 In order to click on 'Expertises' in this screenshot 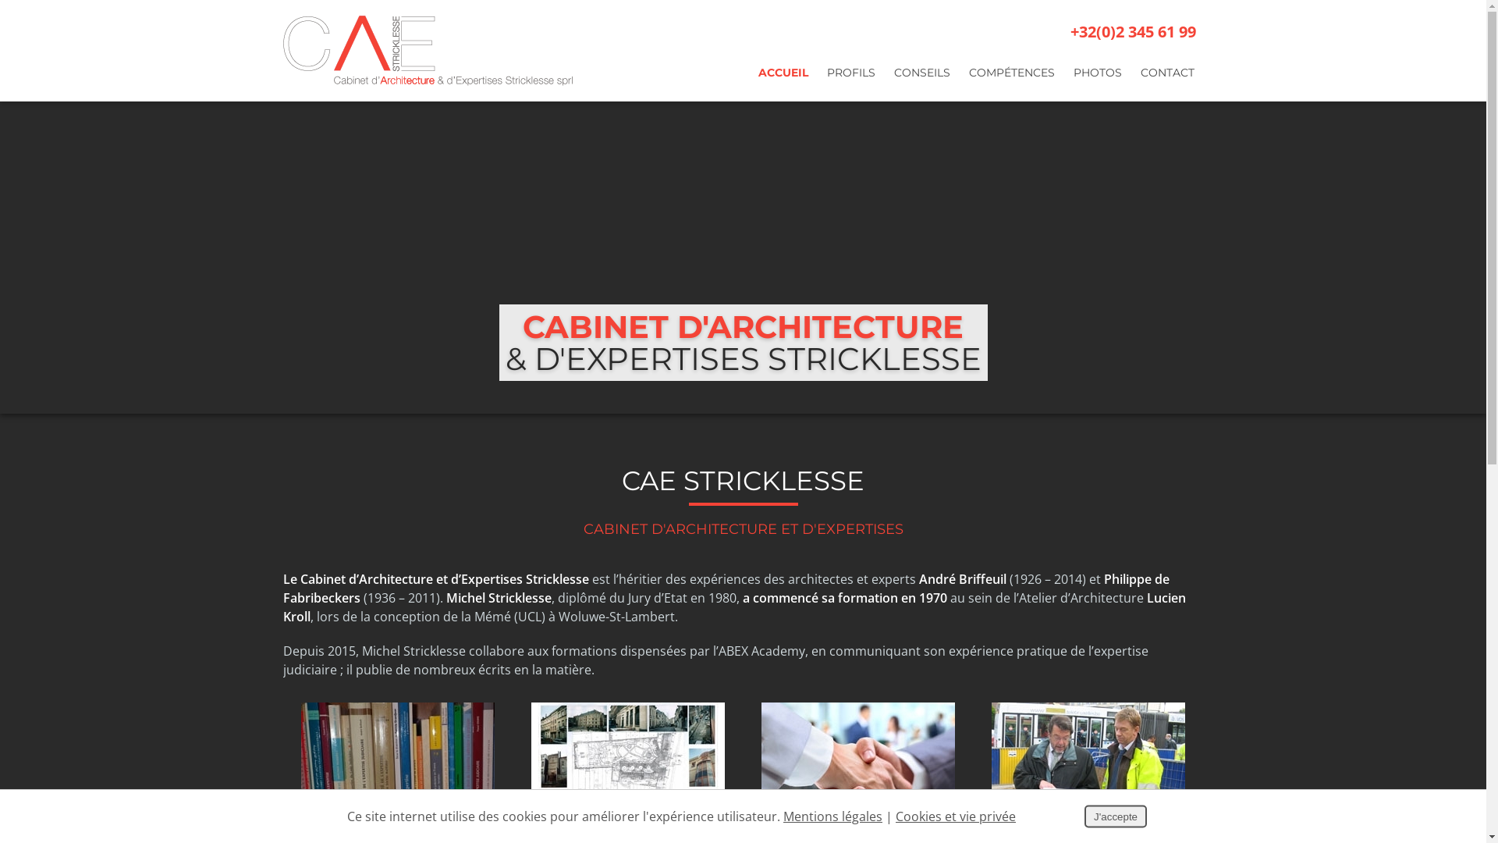, I will do `click(397, 767)`.